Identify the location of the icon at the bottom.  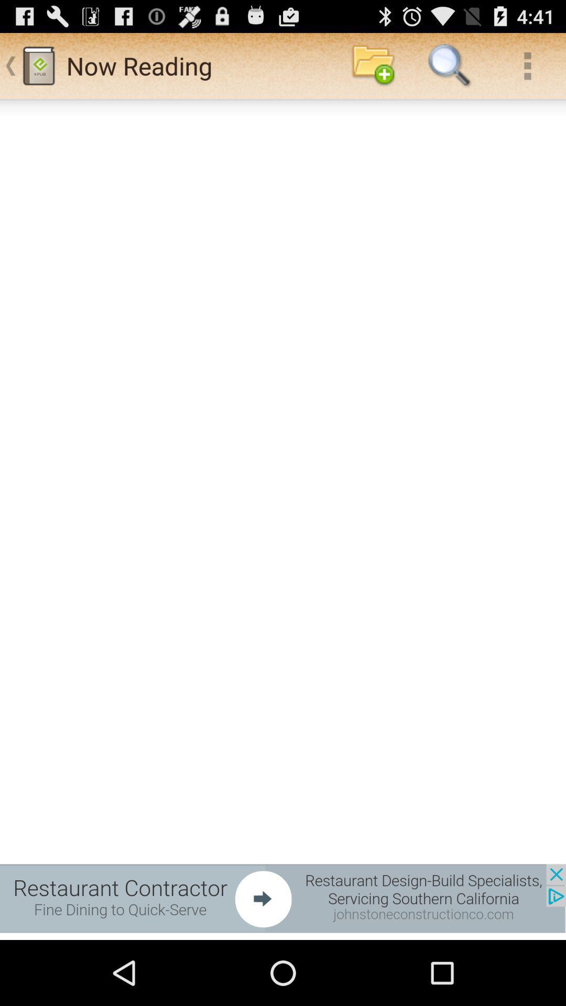
(283, 898).